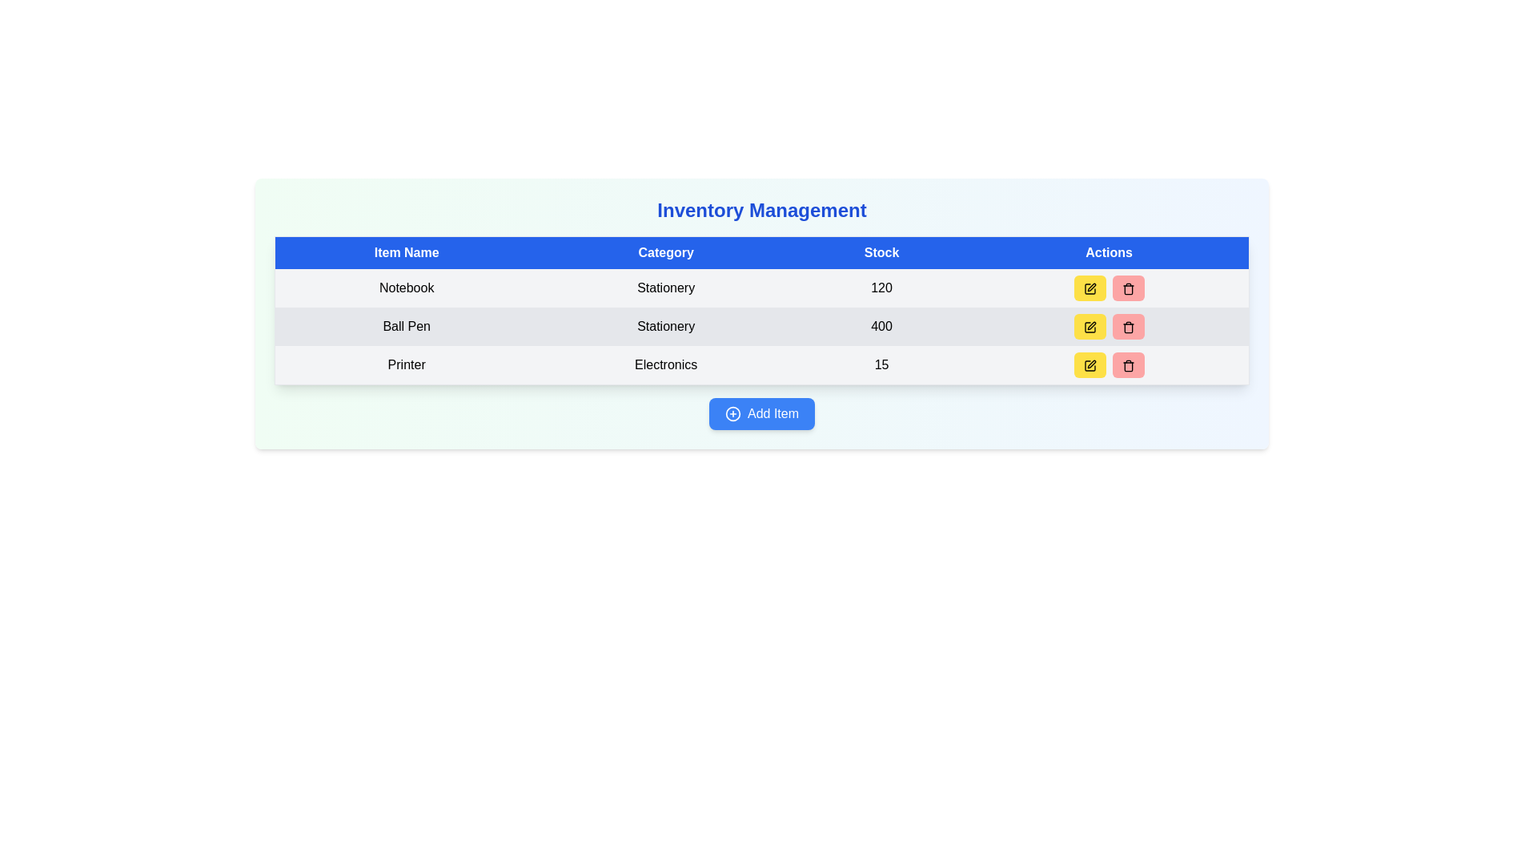 The image size is (1537, 865). I want to click on the text label in the second column of the third row of the data table, which represents the category for the item listed, specifically aligned with the value 'Printer', so click(666, 365).